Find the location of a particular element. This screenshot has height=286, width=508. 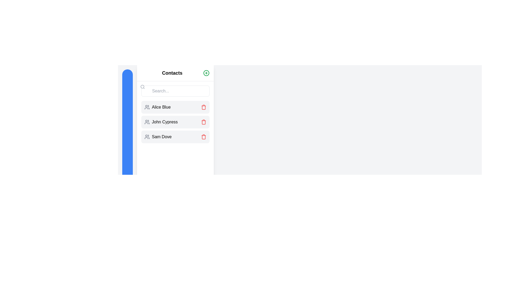

the delete button located to the far-right of the 'Alice Blue' entry in the Contacts section is located at coordinates (203, 107).